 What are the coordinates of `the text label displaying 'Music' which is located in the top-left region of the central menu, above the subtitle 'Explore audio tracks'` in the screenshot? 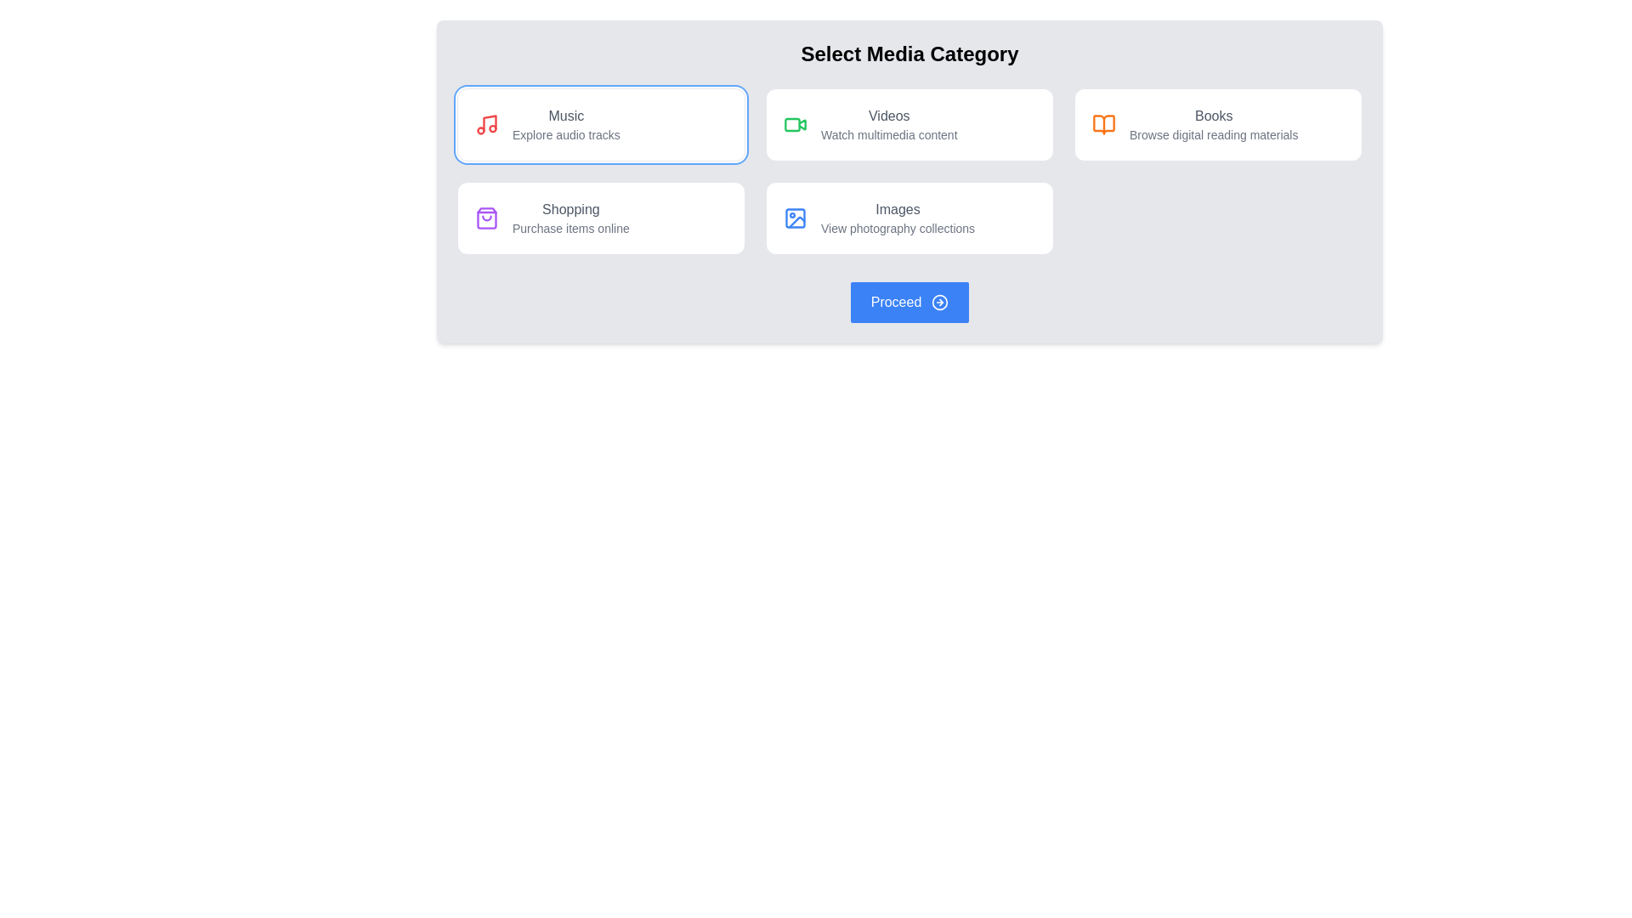 It's located at (566, 116).